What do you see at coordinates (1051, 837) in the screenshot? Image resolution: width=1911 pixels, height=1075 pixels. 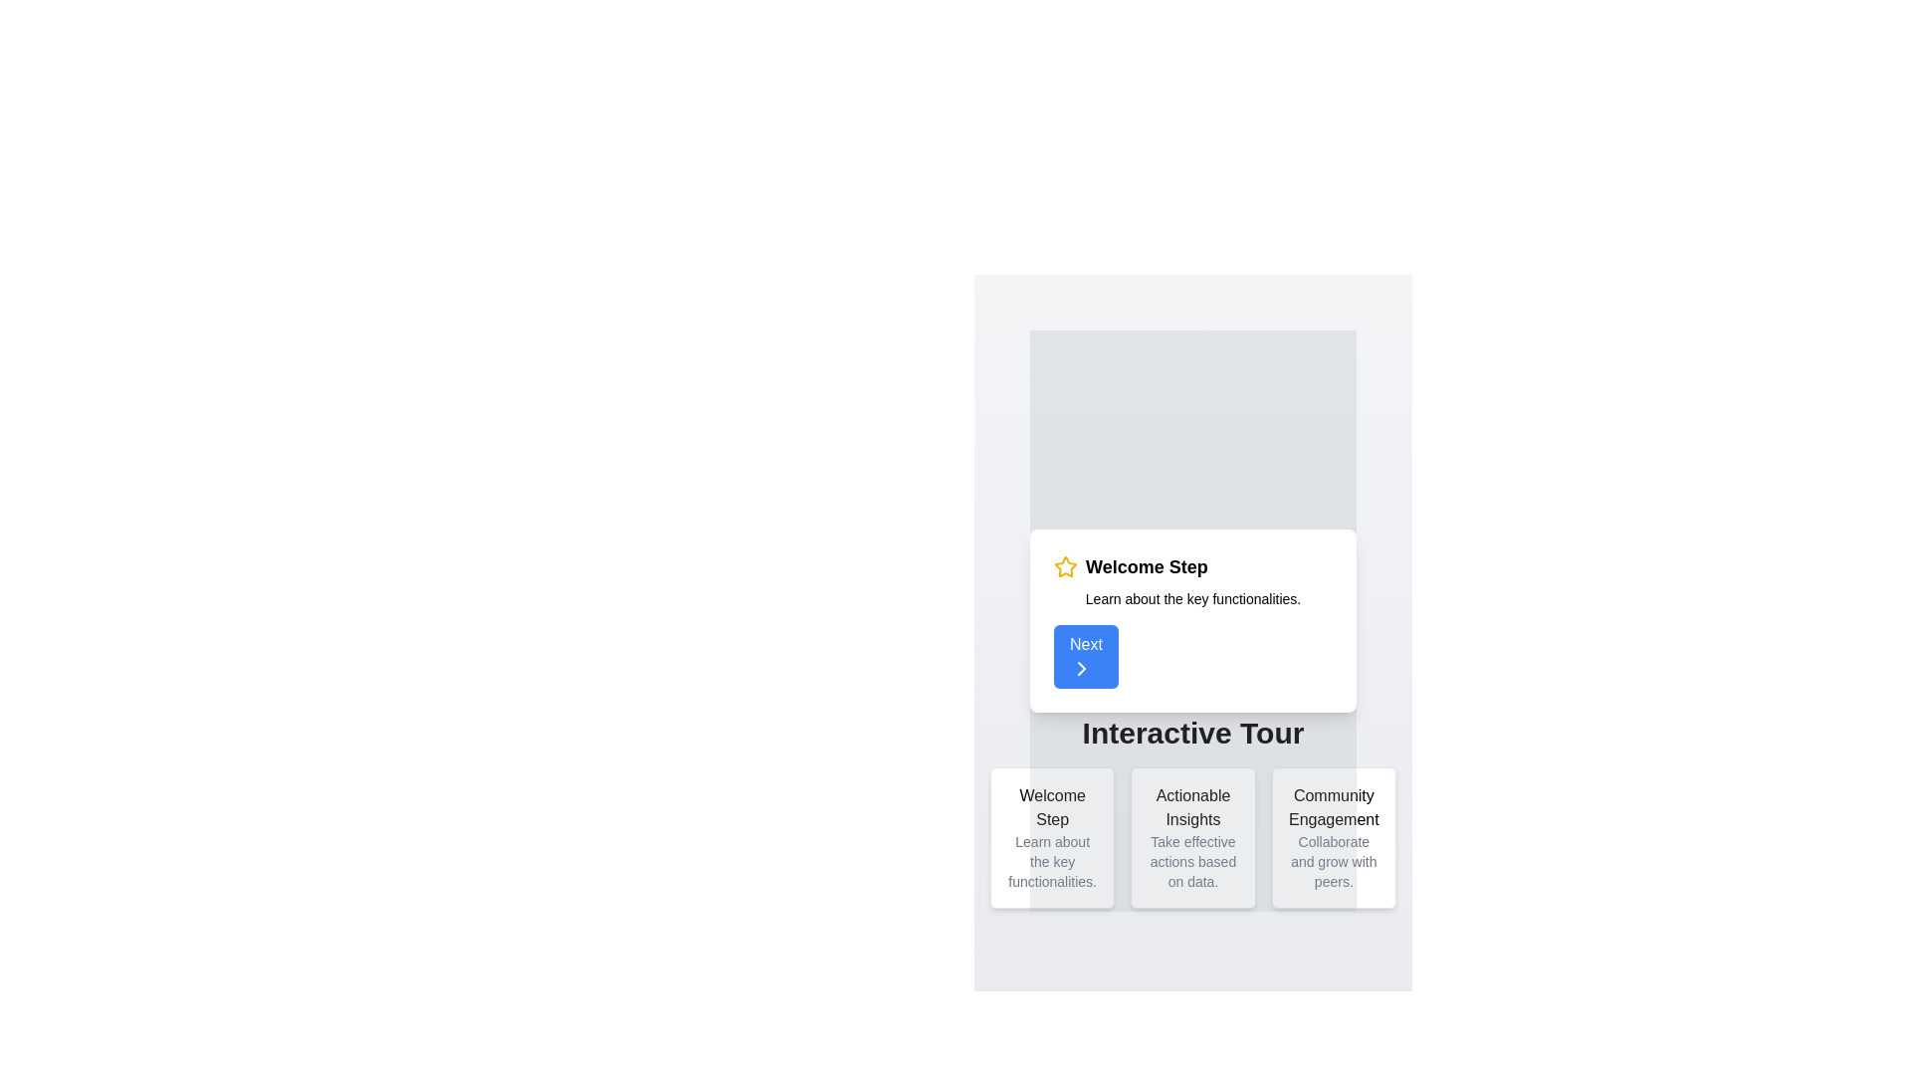 I see `the informational card located in the first column of a three-column grid layout, positioned above the 'Actionable Insights' and 'Community Engagement' cards` at bounding box center [1051, 837].